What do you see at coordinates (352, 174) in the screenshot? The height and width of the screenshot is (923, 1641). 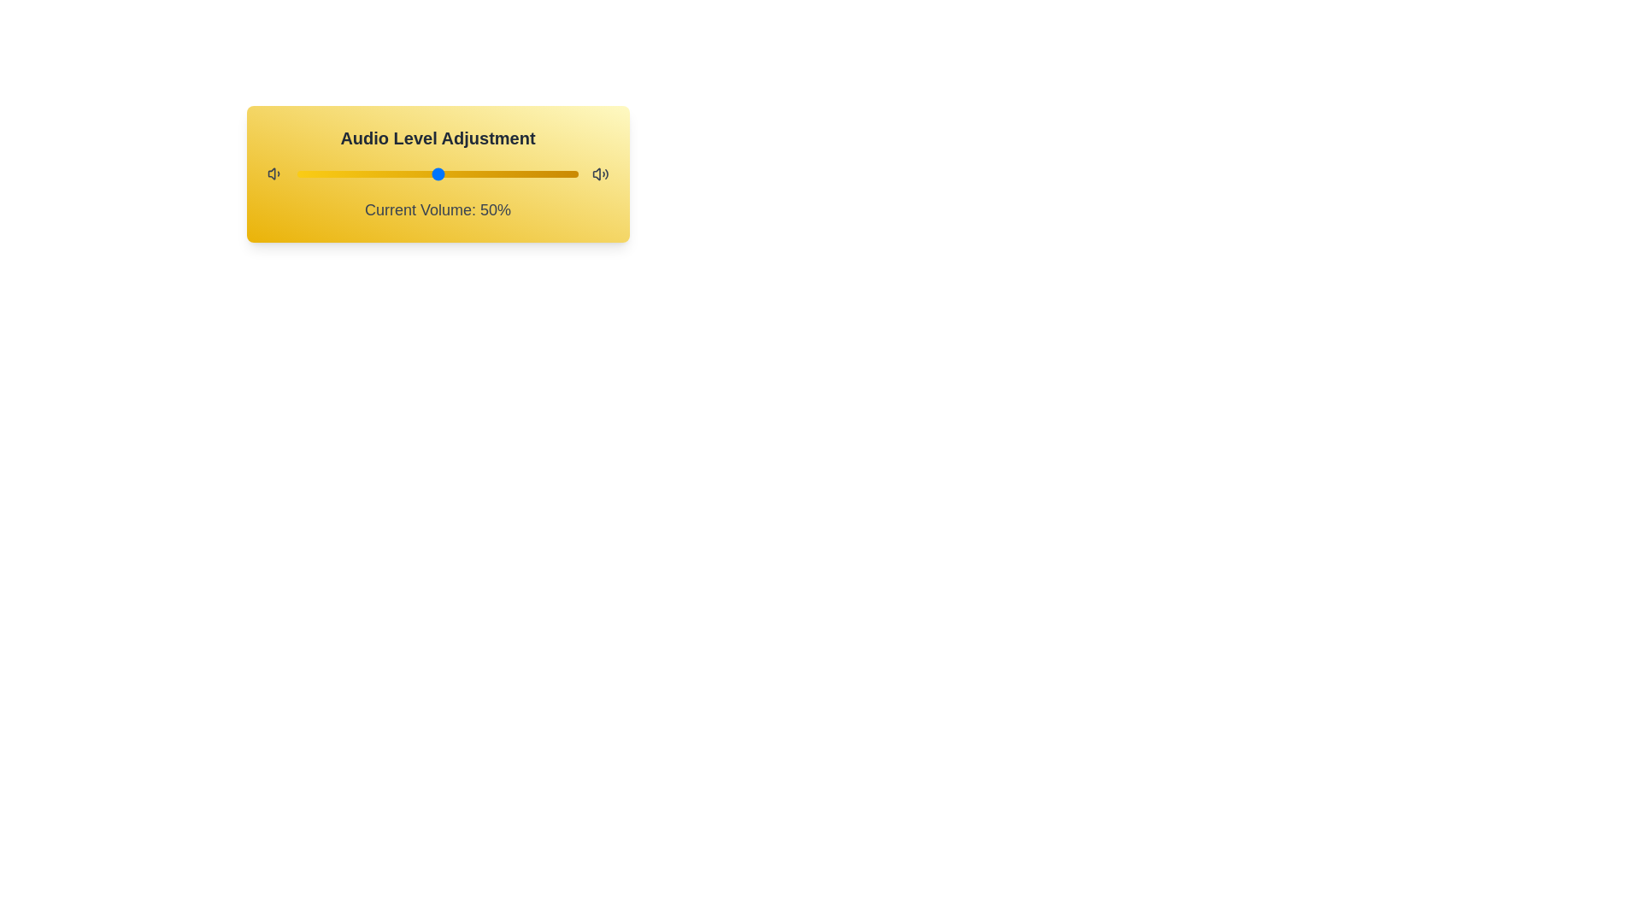 I see `the volume level` at bounding box center [352, 174].